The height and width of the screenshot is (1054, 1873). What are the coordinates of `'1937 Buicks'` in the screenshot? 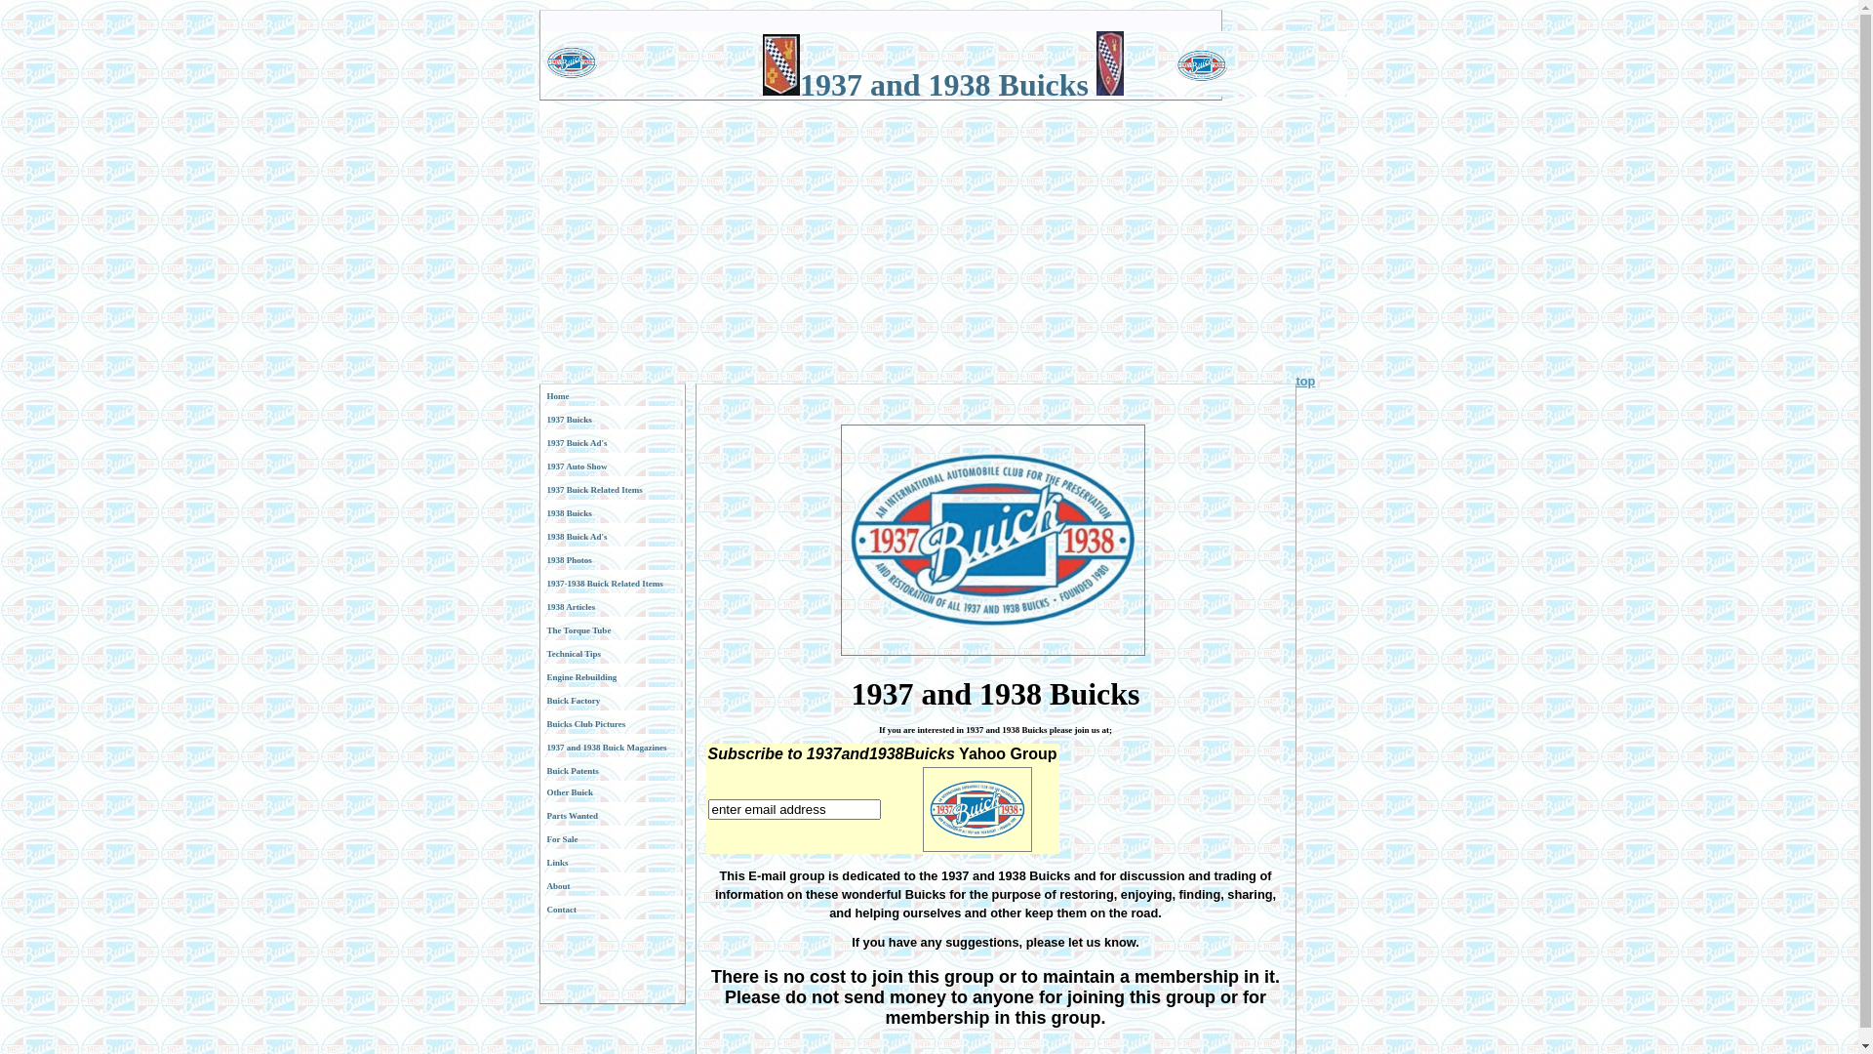 It's located at (539, 418).